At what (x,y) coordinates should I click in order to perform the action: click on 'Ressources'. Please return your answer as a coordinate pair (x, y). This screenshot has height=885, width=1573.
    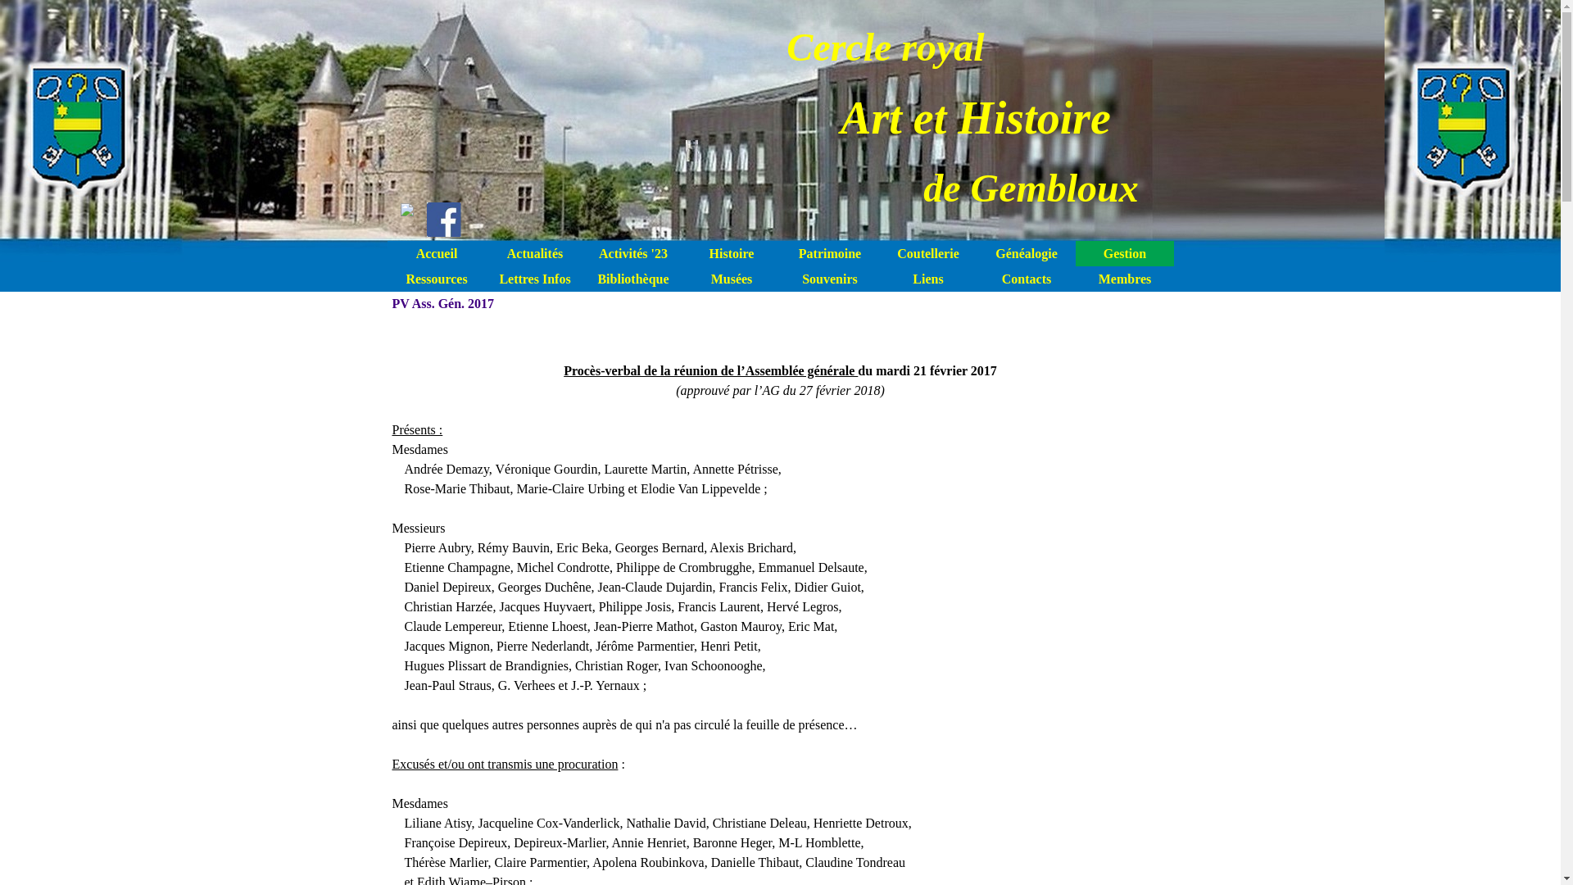
    Looking at the image, I should click on (436, 278).